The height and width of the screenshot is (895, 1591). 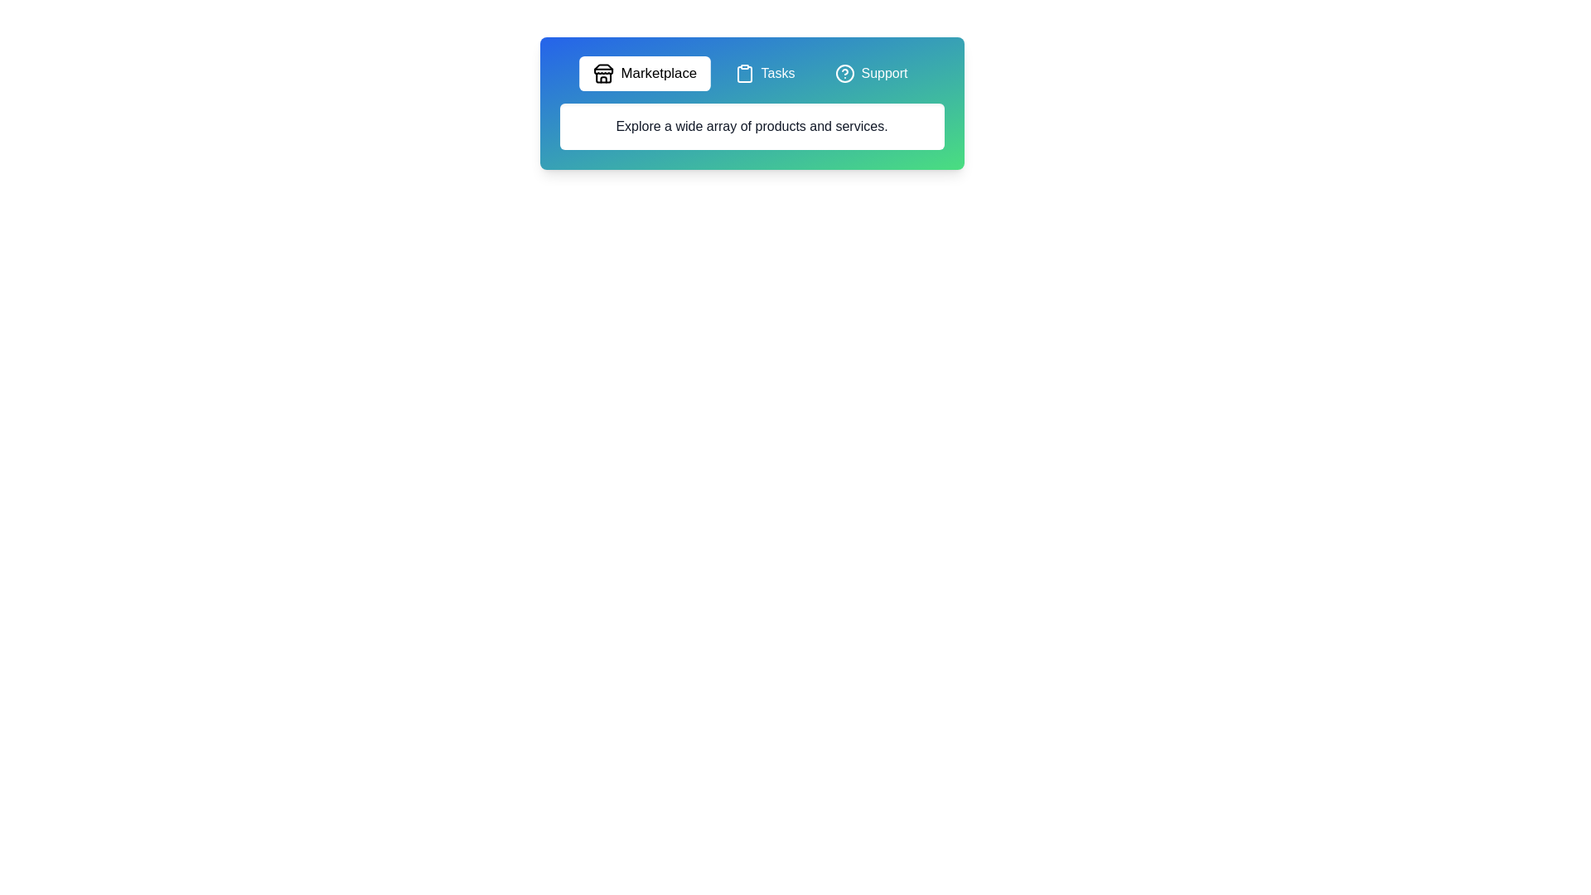 What do you see at coordinates (870, 72) in the screenshot?
I see `the tab labeled Support` at bounding box center [870, 72].